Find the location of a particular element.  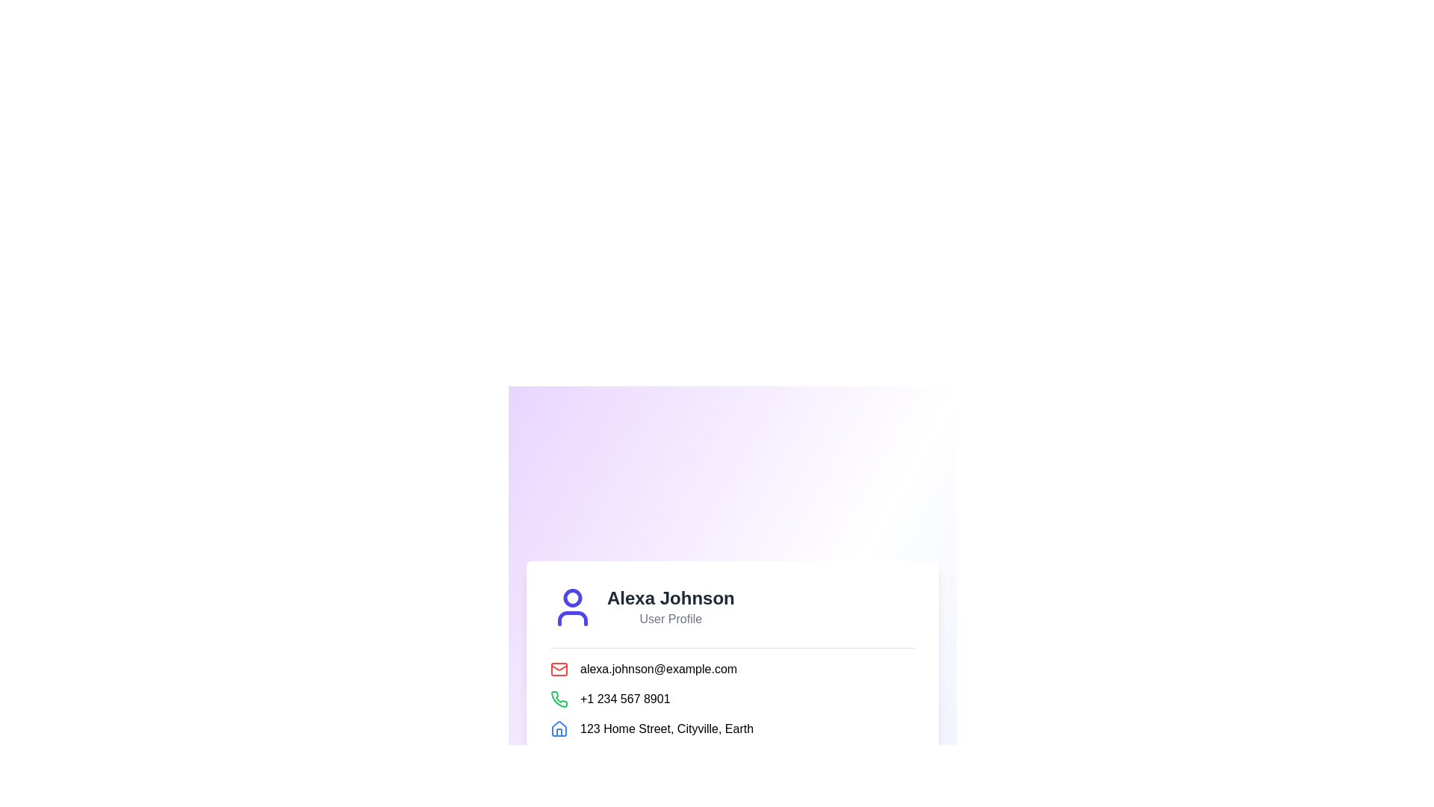

the red envelope icon representing the email address 'alexa.johnson@example.com', which is the first item in the row of elements is located at coordinates (558, 667).